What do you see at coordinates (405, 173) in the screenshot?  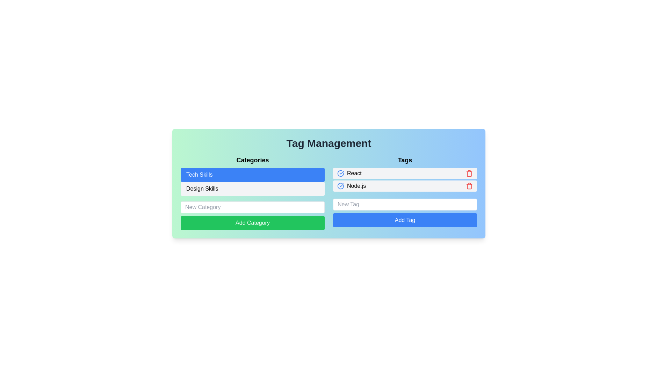 I see `the Tag item labeled 'React' with a delete button to trigger the tooltip or highlighting effect` at bounding box center [405, 173].